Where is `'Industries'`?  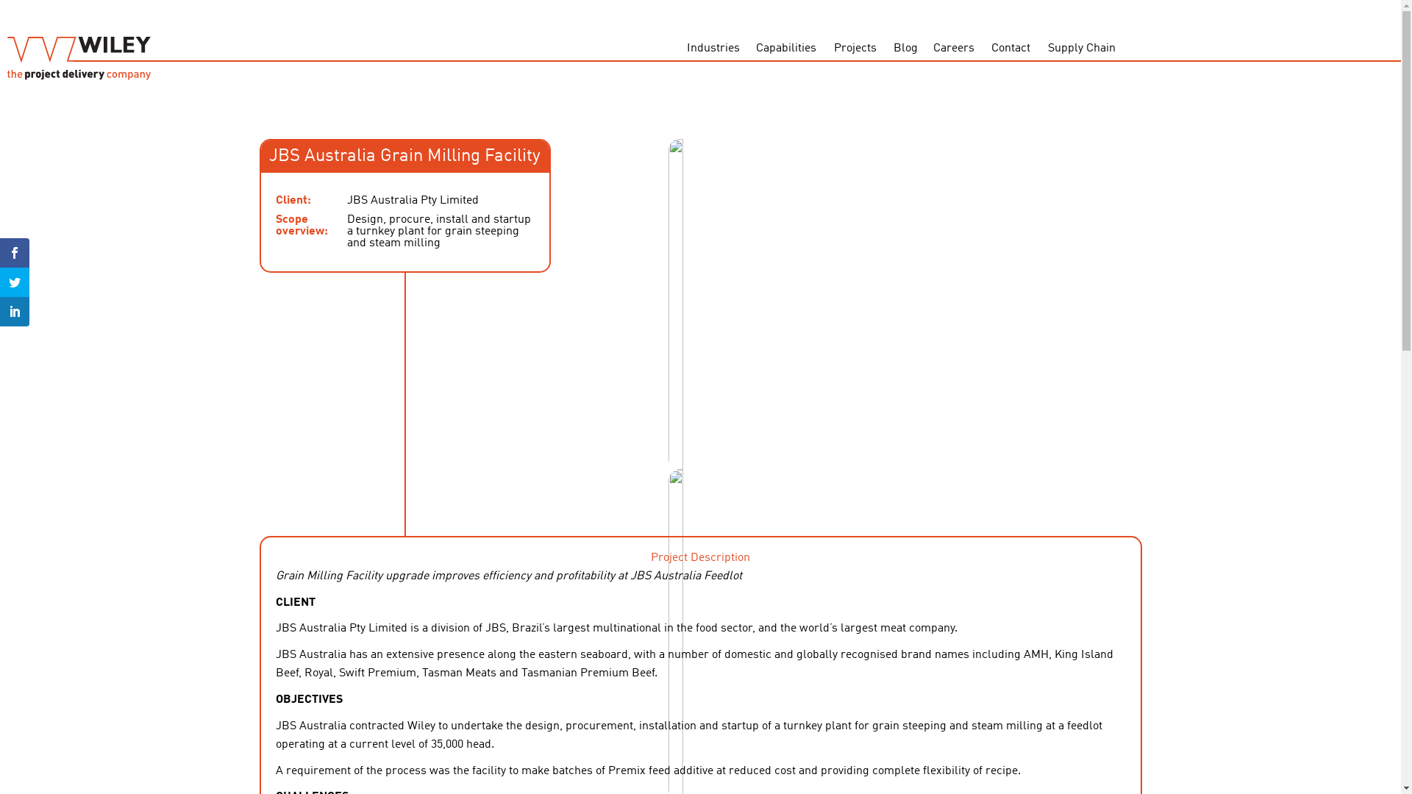 'Industries' is located at coordinates (713, 48).